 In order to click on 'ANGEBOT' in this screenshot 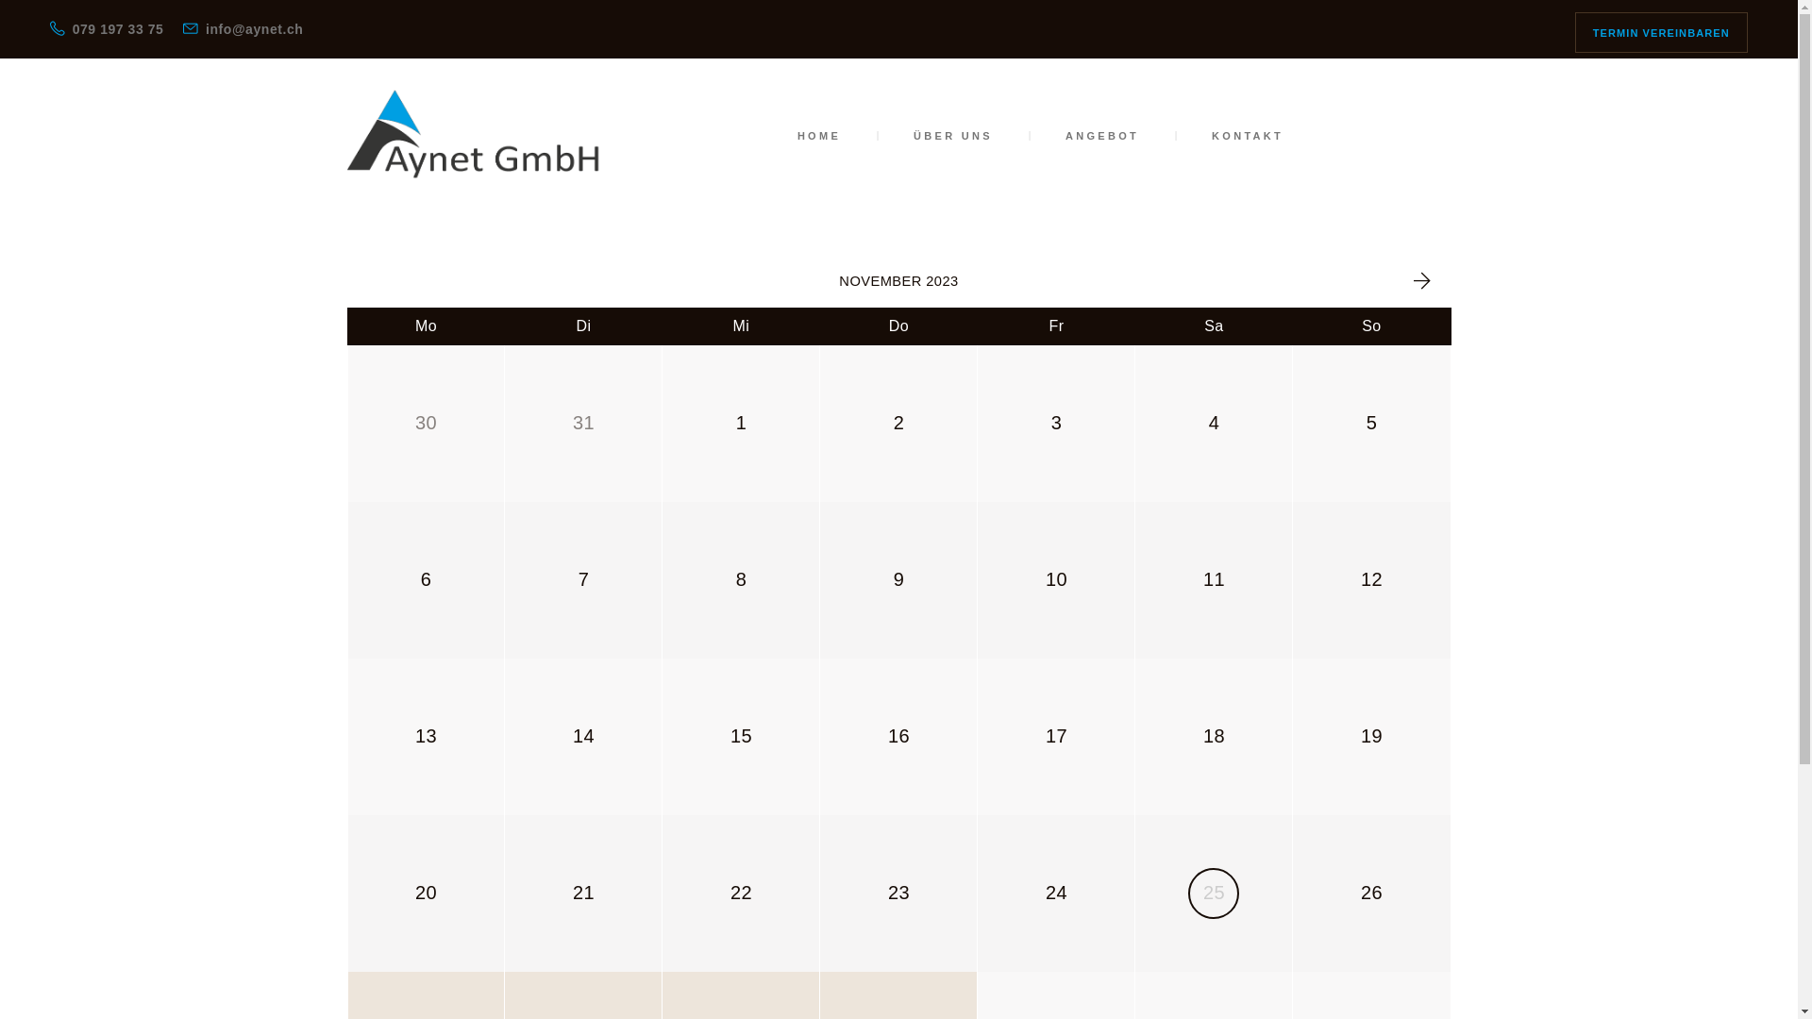, I will do `click(1027, 134)`.